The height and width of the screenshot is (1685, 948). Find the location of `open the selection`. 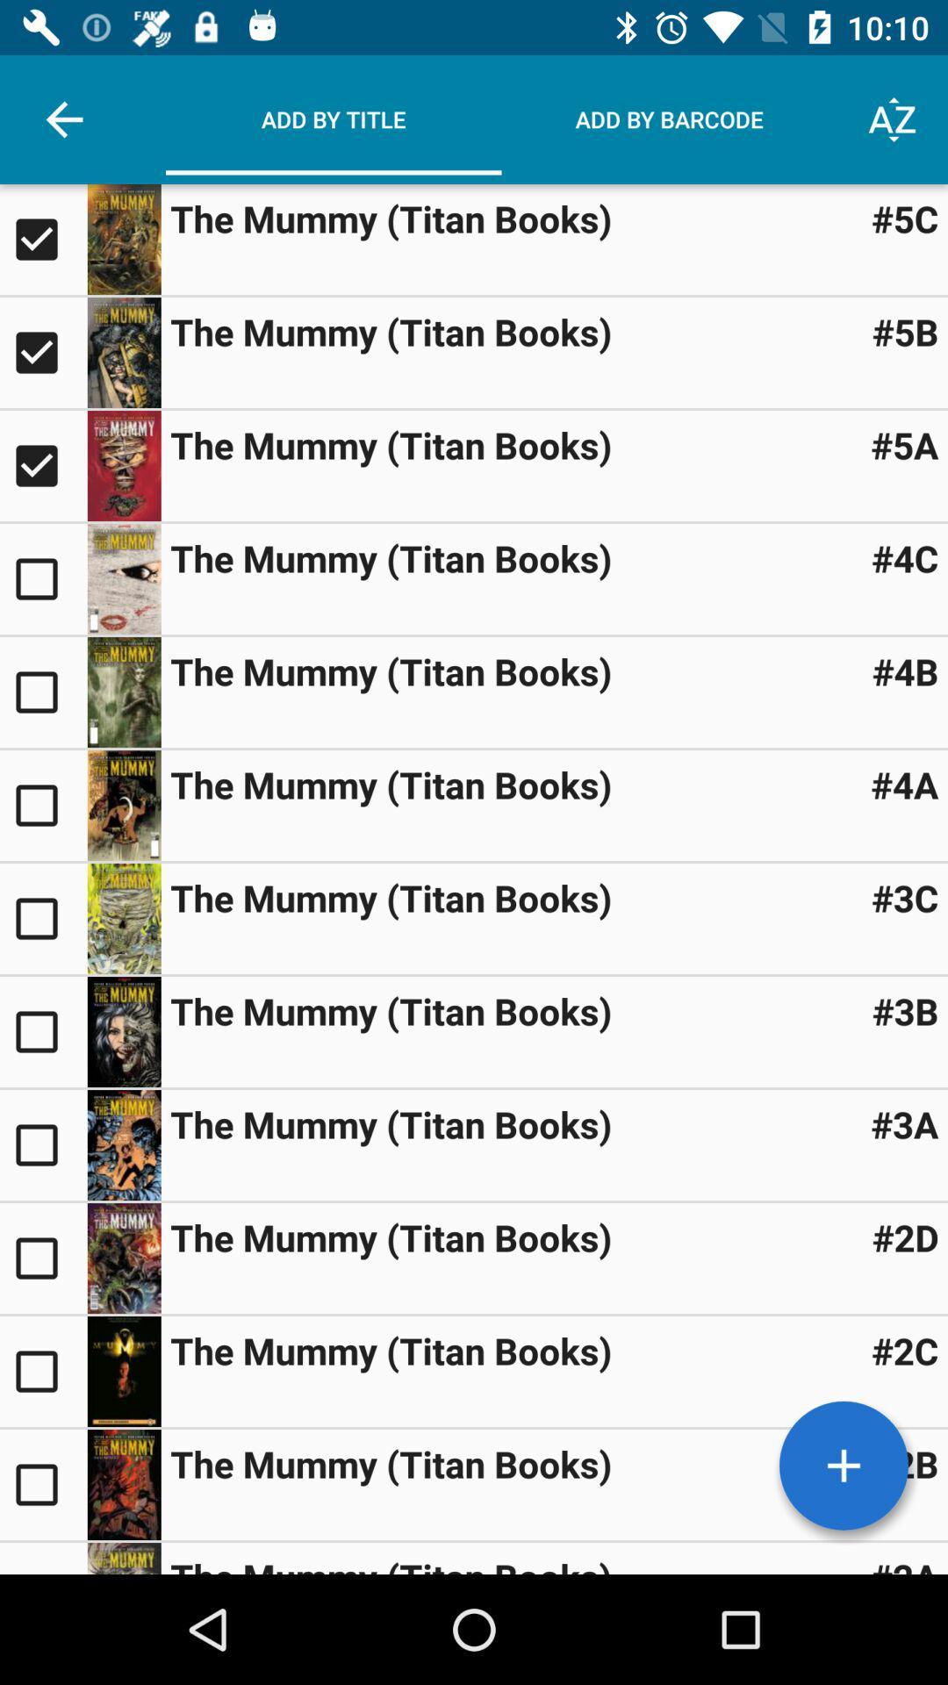

open the selection is located at coordinates (123, 804).